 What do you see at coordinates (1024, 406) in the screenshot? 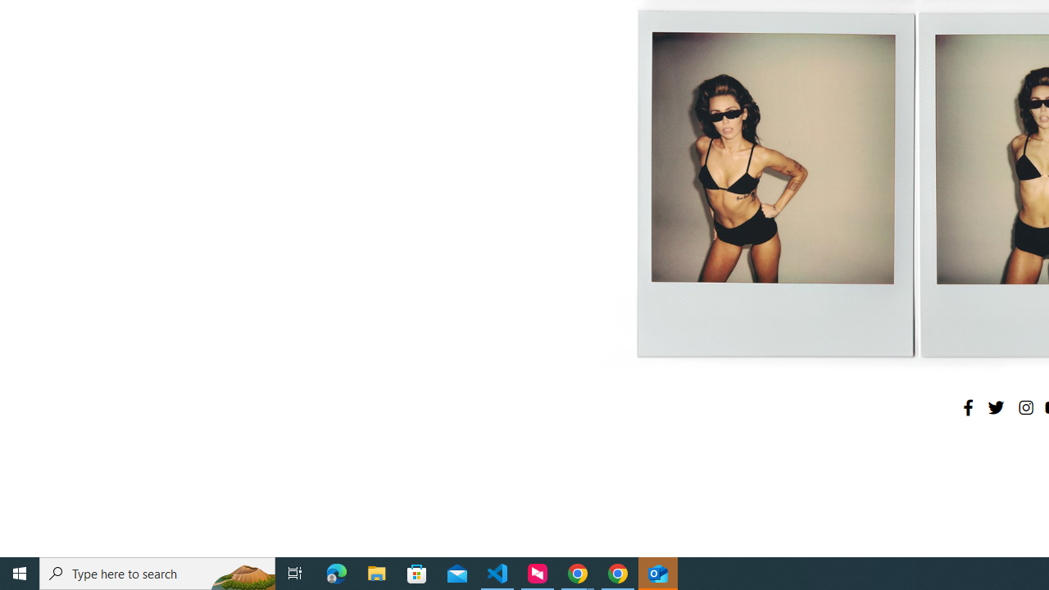
I see `'Instagram'` at bounding box center [1024, 406].